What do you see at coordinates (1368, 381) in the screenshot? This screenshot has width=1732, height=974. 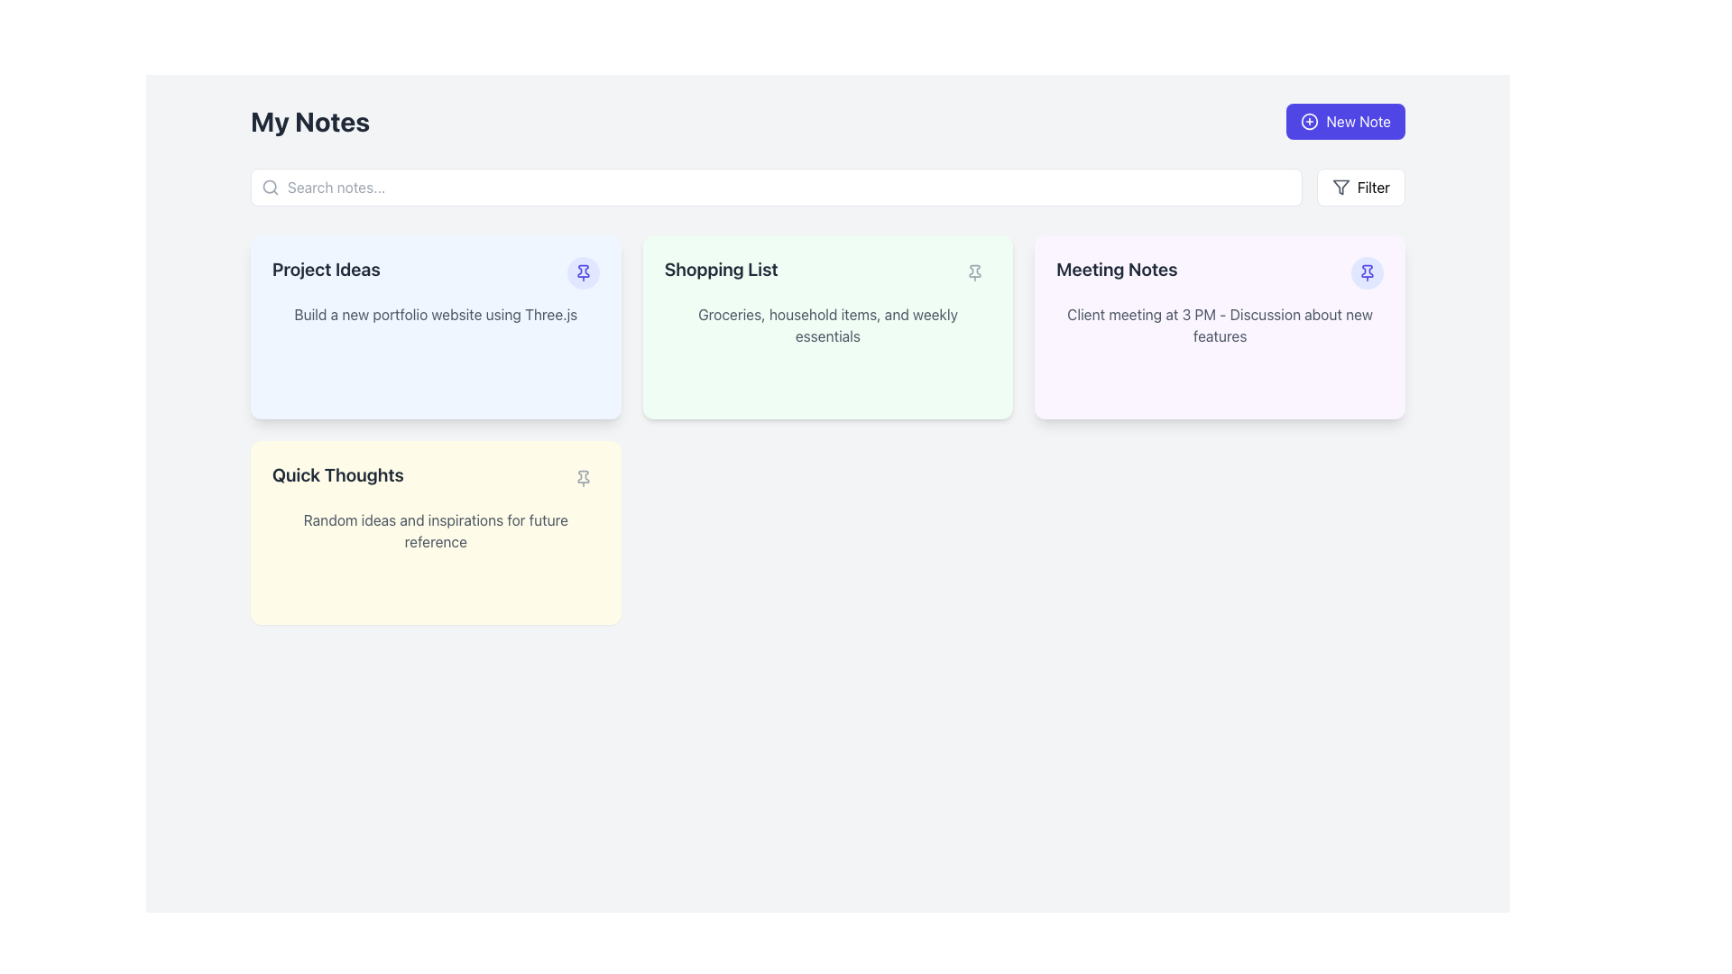 I see `the delete button located at the bottom right corner of the 'Meeting Notes' card` at bounding box center [1368, 381].